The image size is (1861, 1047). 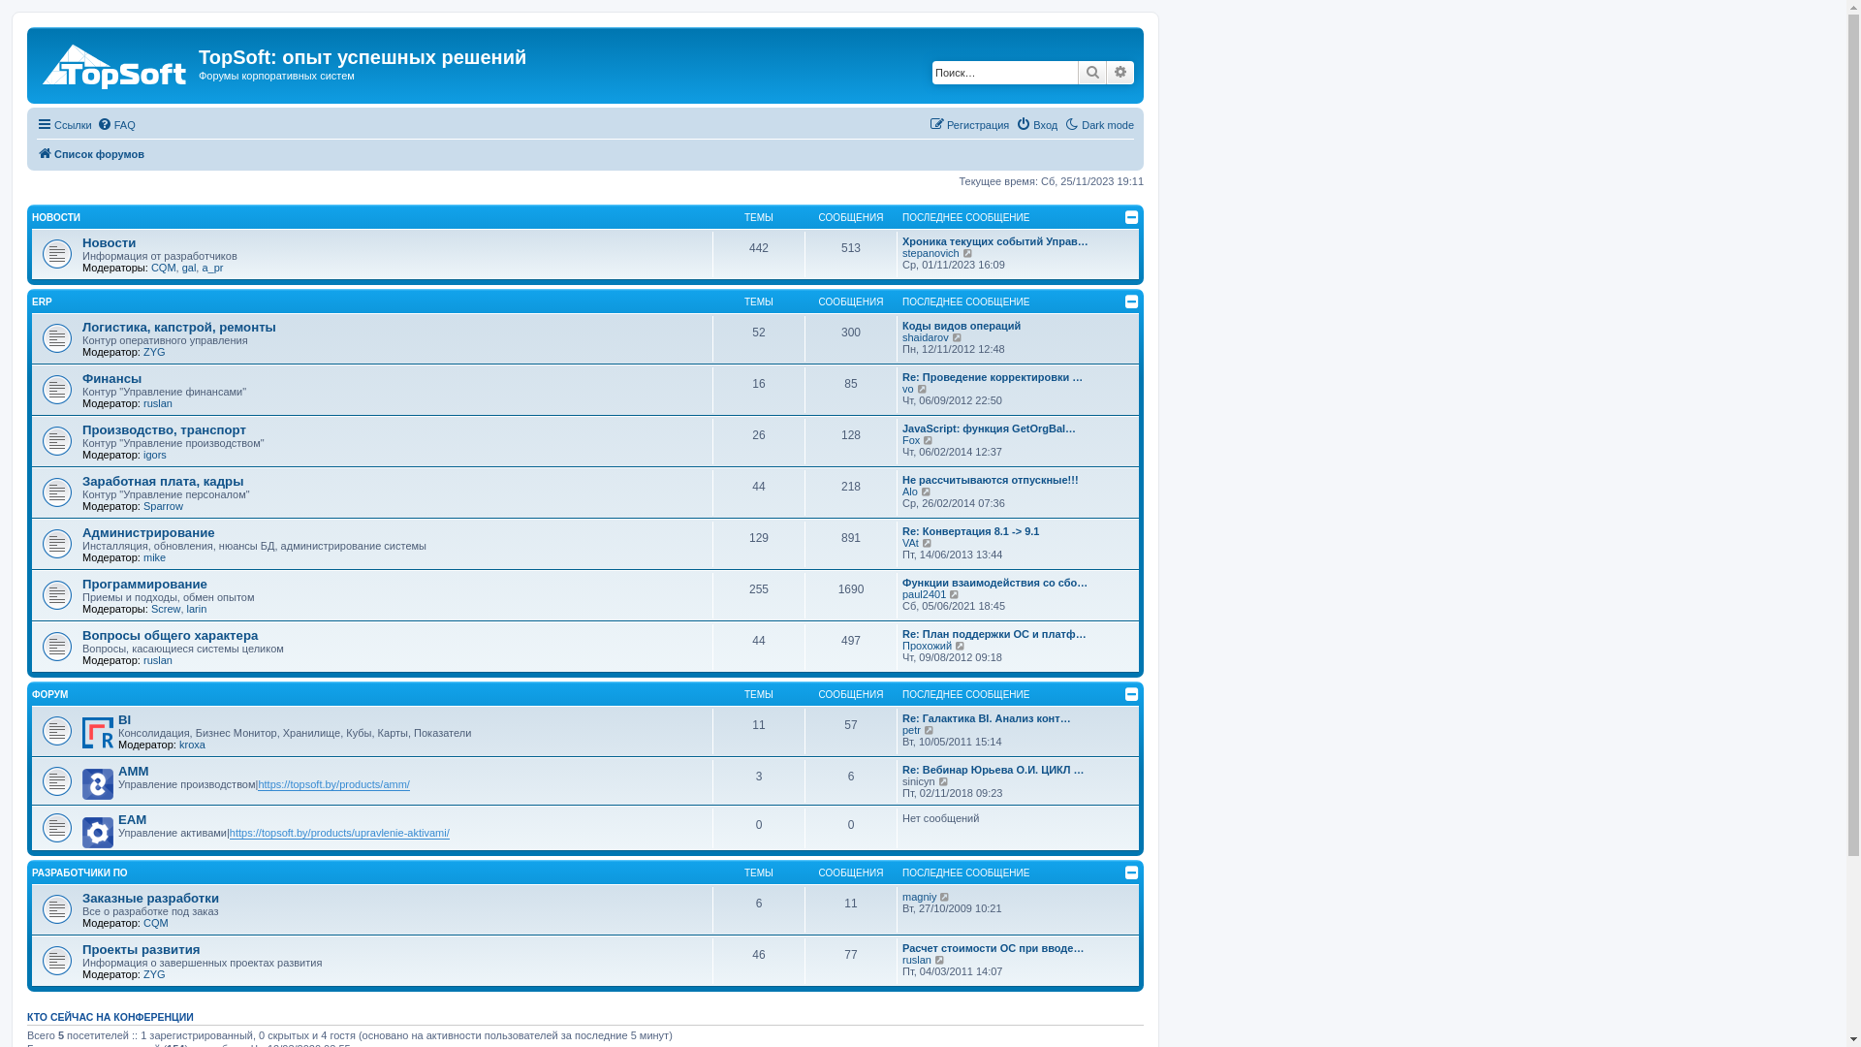 I want to click on 'gal', so click(x=181, y=268).